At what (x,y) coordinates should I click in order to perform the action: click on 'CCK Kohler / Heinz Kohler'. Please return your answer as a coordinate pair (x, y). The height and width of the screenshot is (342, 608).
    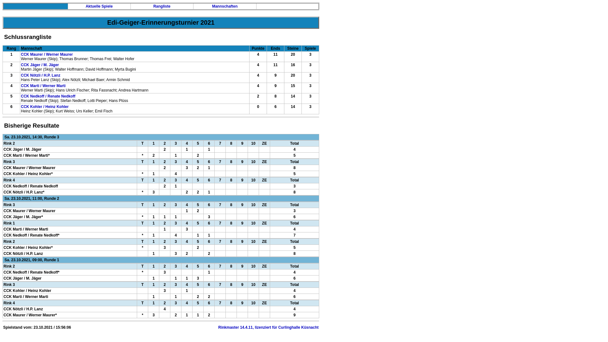
    Looking at the image, I should click on (44, 106).